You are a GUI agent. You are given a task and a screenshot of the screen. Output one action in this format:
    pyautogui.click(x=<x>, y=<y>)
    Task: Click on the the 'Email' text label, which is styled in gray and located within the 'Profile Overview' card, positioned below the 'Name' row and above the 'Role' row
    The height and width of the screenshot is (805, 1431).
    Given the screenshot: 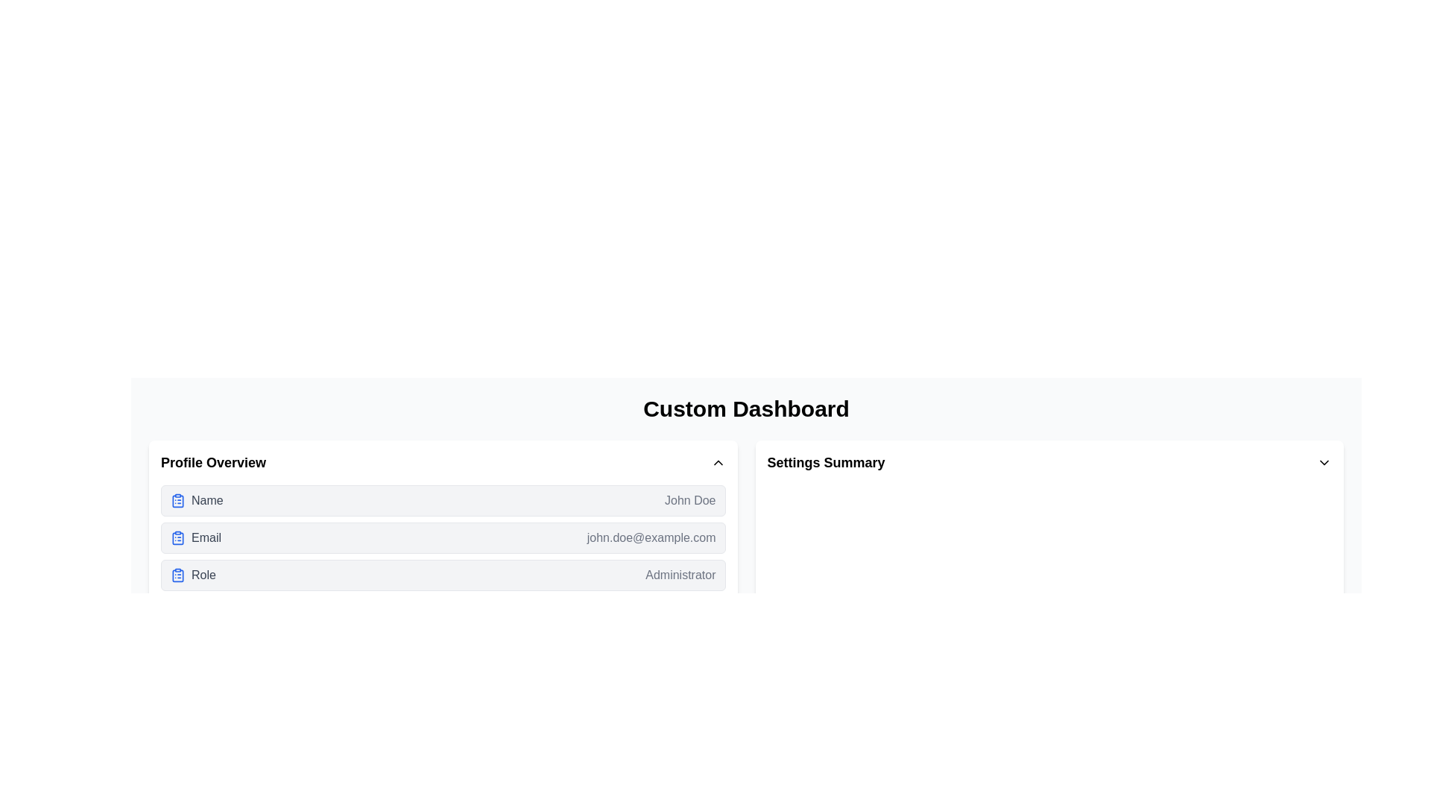 What is the action you would take?
    pyautogui.click(x=195, y=537)
    